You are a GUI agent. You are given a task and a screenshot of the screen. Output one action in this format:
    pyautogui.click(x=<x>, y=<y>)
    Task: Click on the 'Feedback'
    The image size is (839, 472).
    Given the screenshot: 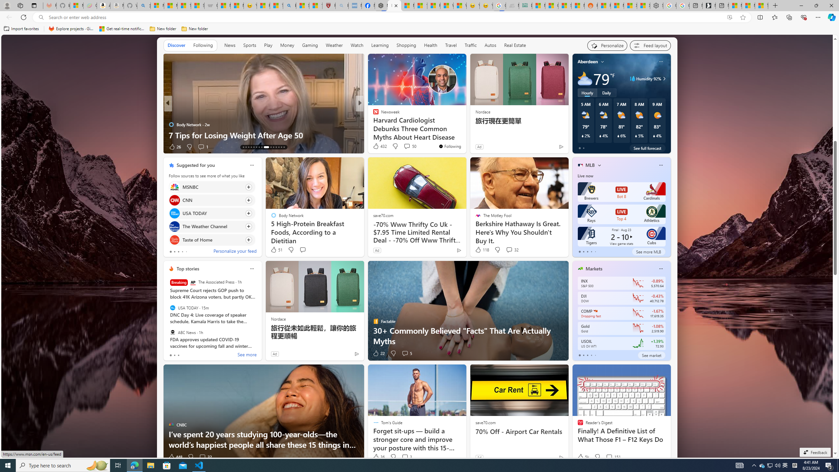 What is the action you would take?
    pyautogui.click(x=815, y=452)
    